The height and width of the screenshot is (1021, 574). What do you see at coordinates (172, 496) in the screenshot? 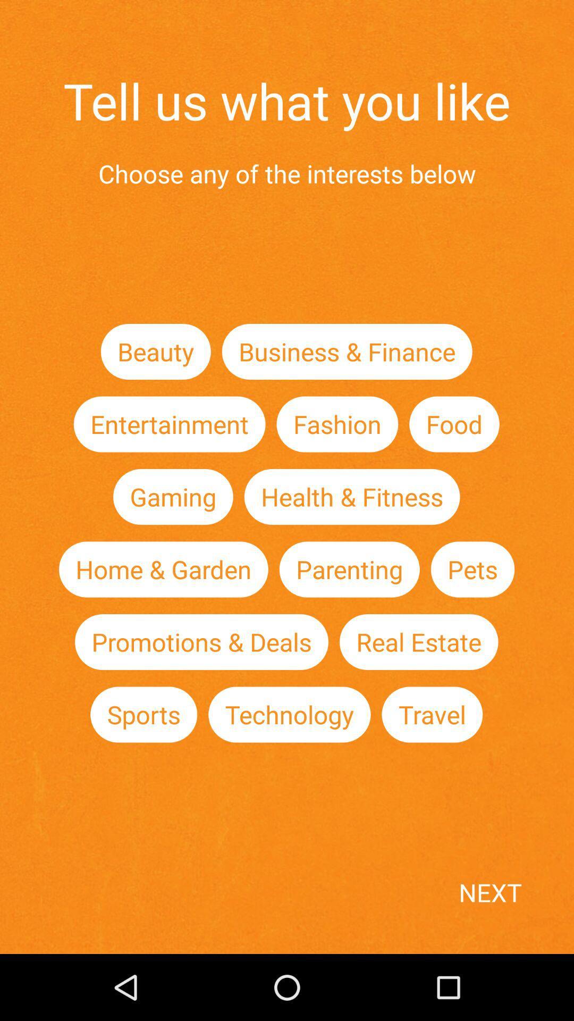
I see `the item next to health & fitness icon` at bounding box center [172, 496].